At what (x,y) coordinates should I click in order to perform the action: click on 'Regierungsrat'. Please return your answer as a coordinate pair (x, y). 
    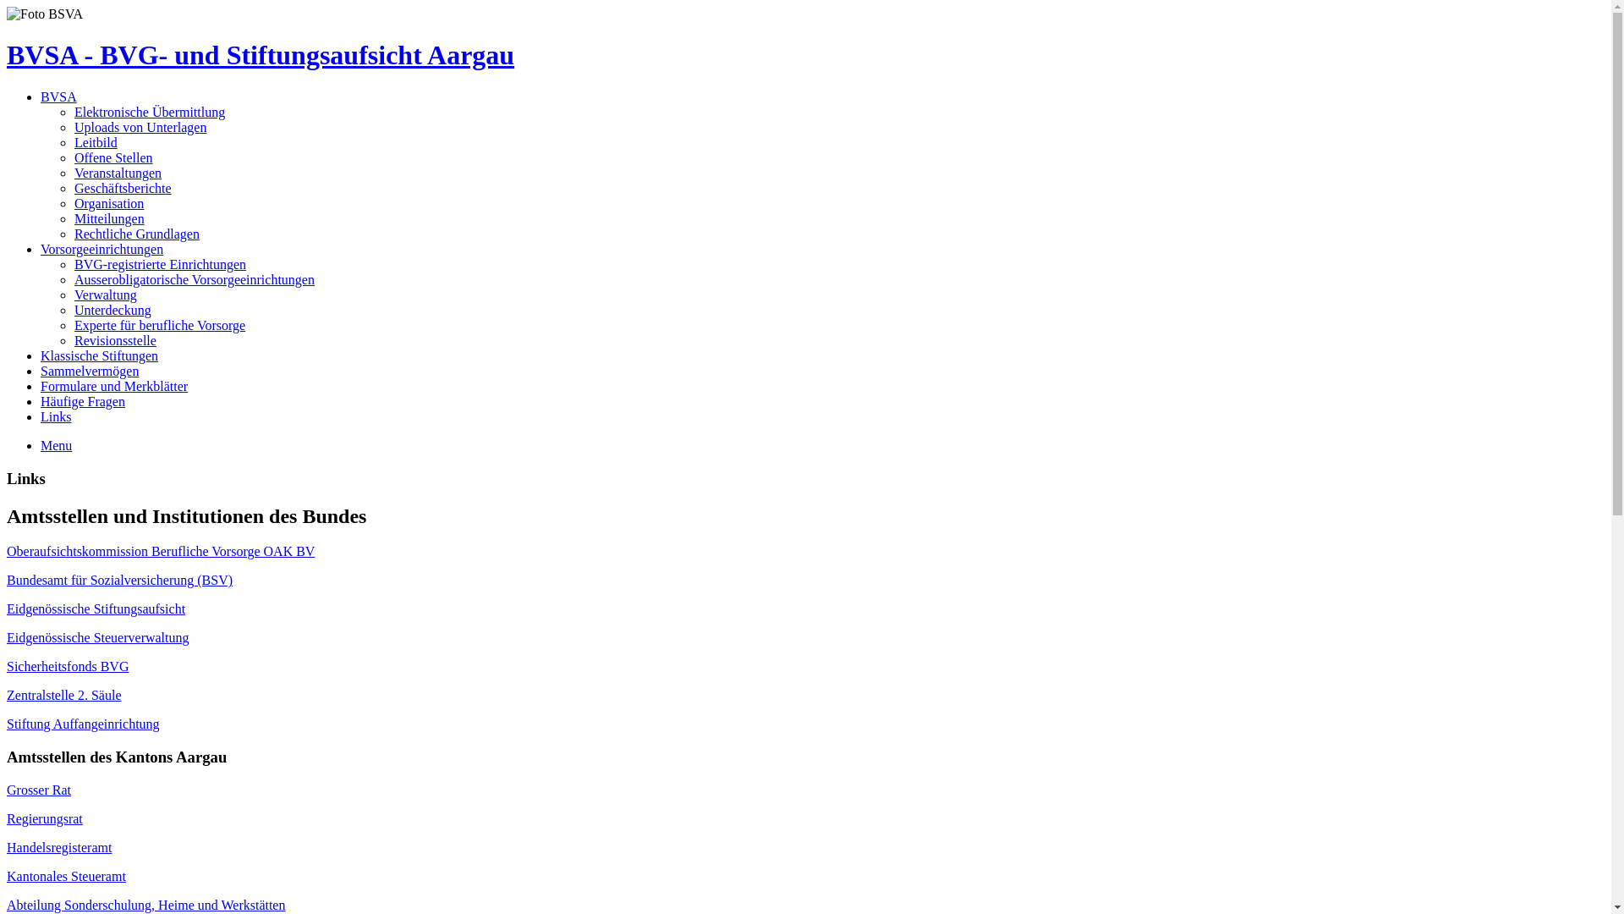
    Looking at the image, I should click on (44, 818).